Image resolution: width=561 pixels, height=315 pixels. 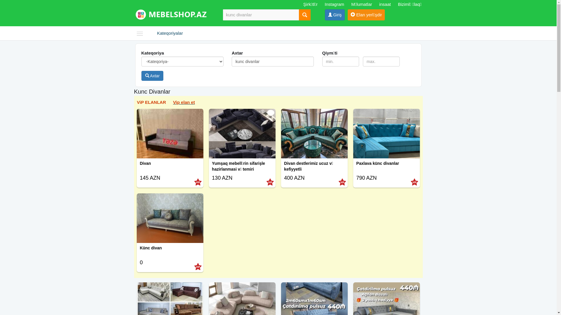 I want to click on 'min.', so click(x=341, y=62).